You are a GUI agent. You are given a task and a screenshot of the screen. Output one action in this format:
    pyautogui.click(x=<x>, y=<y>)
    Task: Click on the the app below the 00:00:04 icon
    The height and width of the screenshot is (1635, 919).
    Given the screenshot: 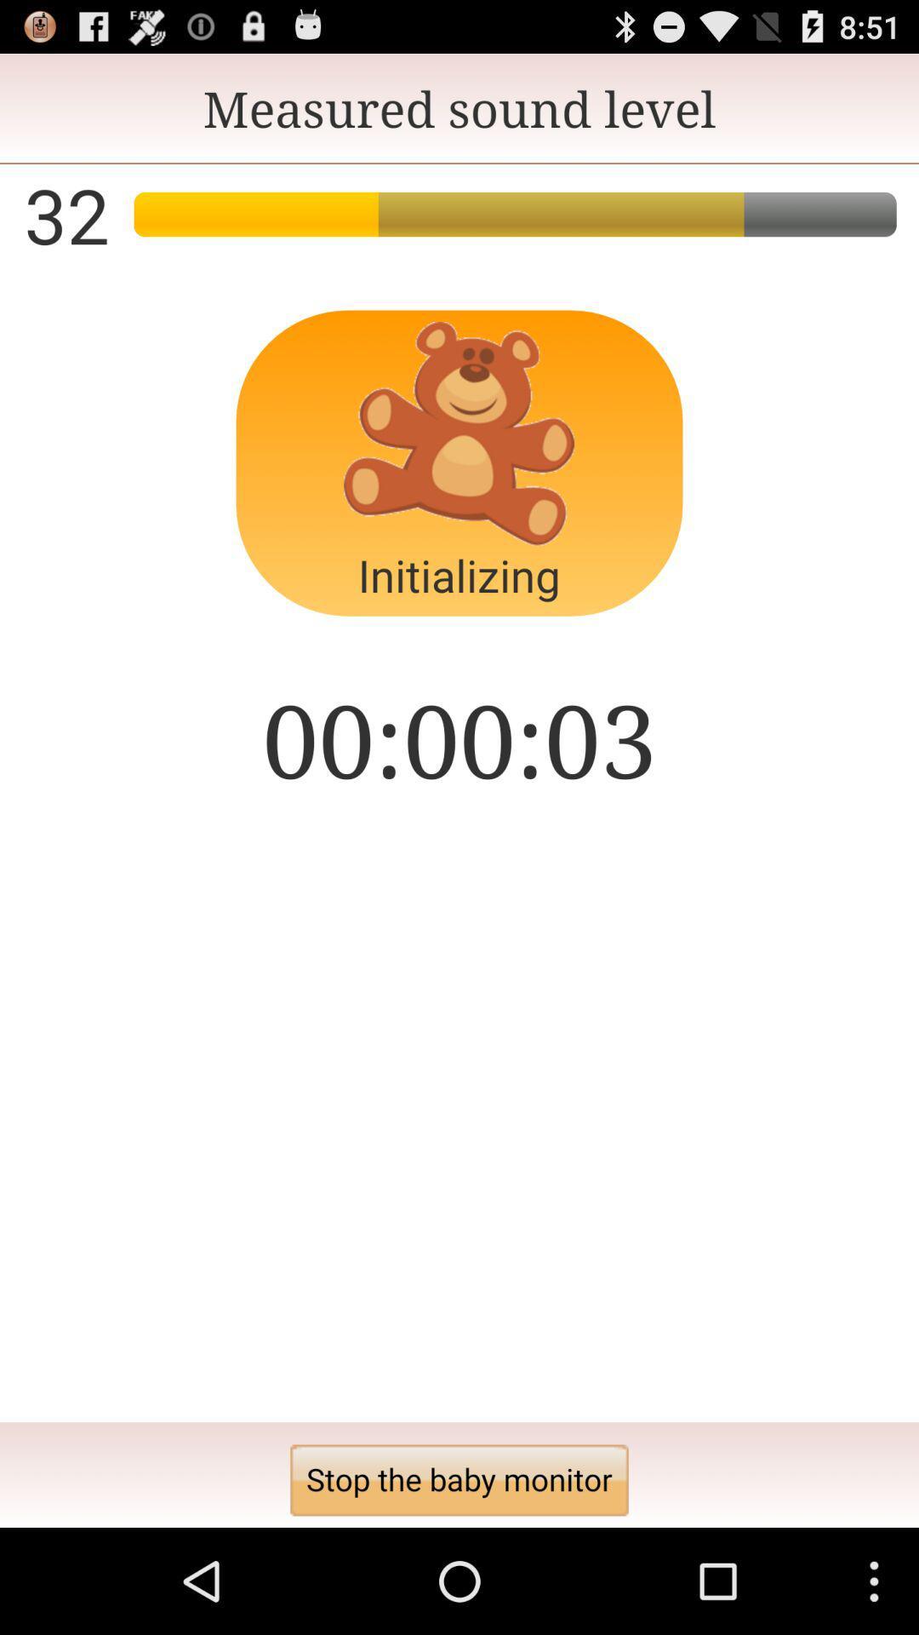 What is the action you would take?
    pyautogui.click(x=459, y=1479)
    